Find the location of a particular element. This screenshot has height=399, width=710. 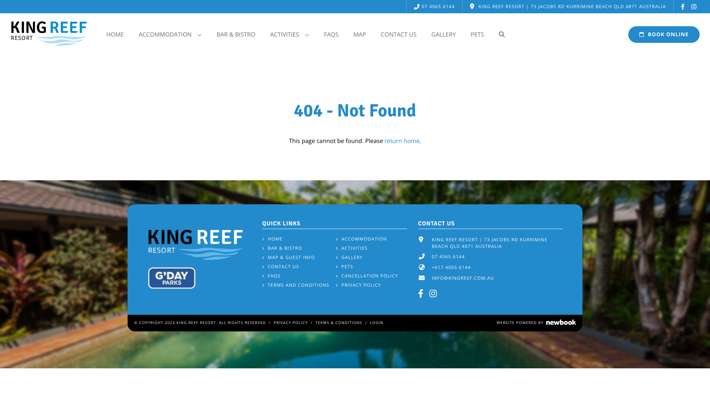

'ACCOMMODATION' is located at coordinates (361, 239).